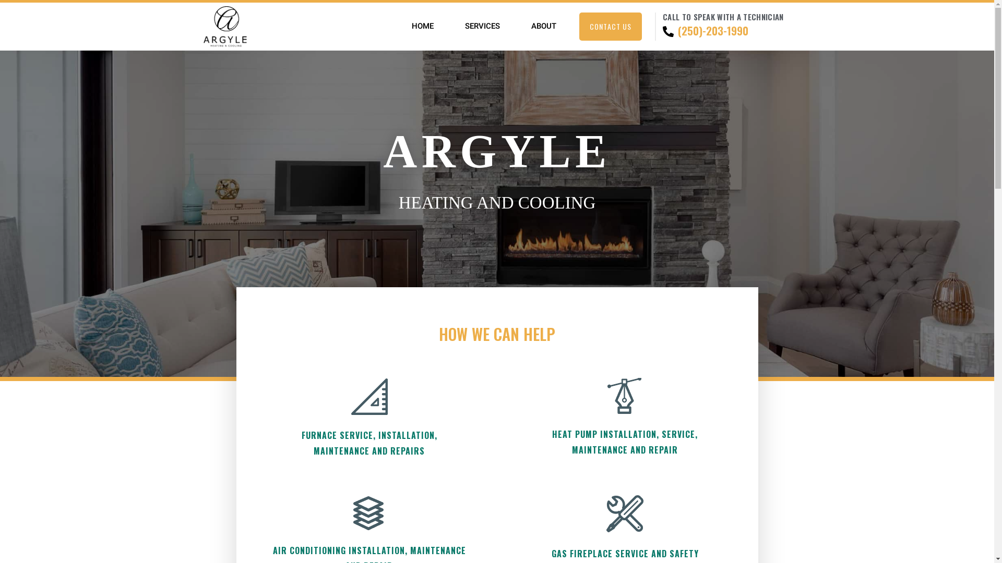 This screenshot has width=1002, height=563. Describe the element at coordinates (543, 26) in the screenshot. I see `'ABOUT'` at that location.